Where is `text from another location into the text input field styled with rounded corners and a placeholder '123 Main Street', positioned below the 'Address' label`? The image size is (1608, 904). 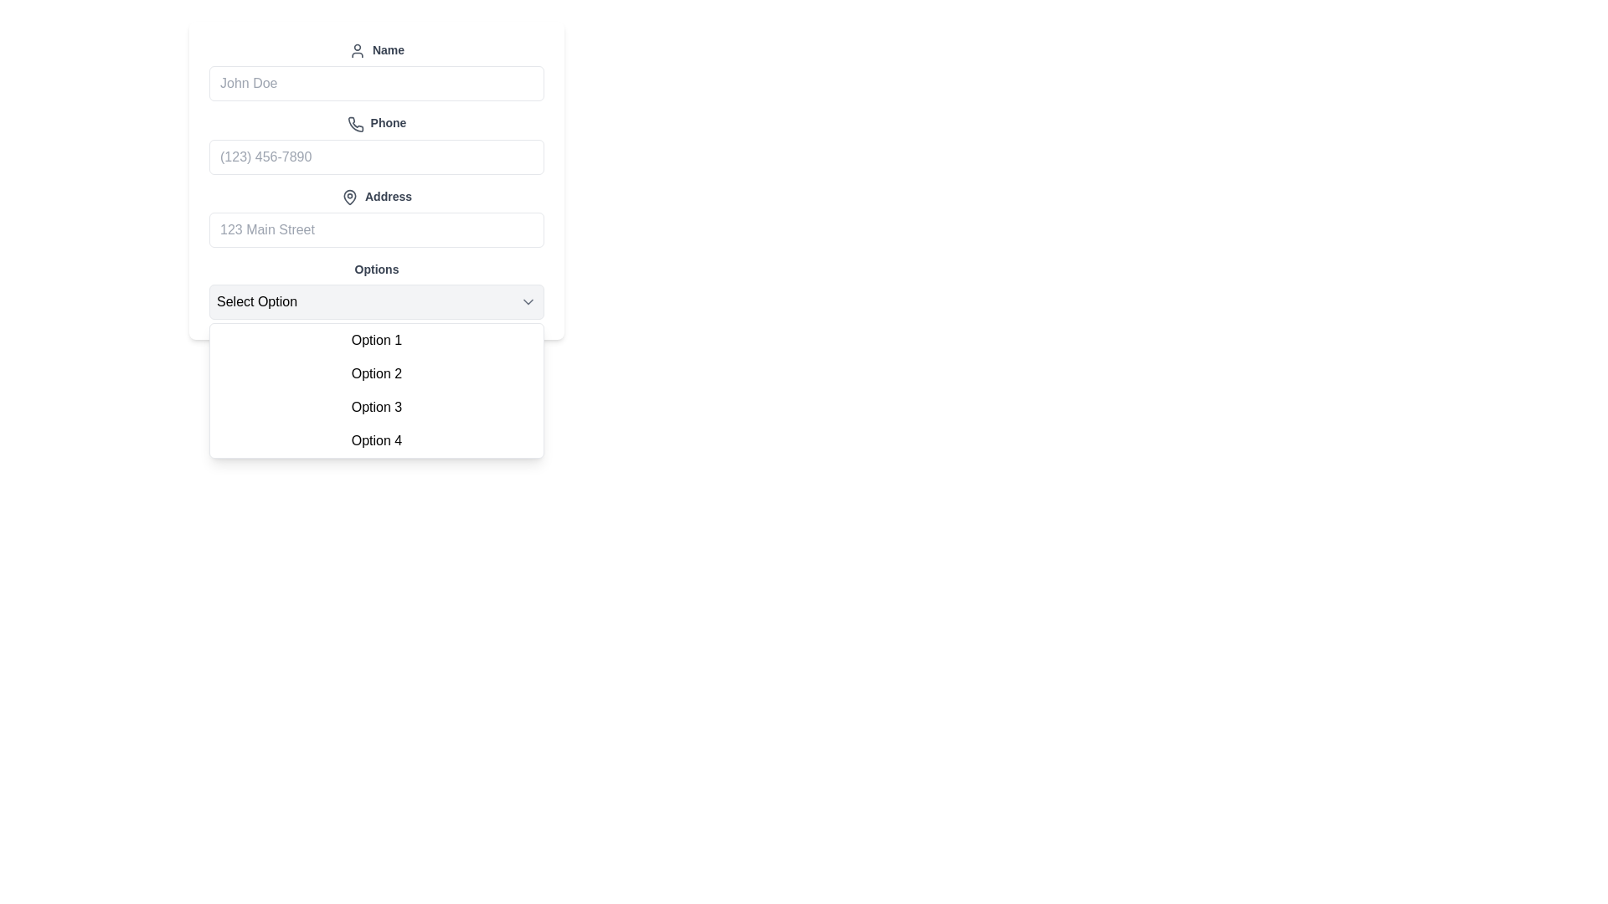
text from another location into the text input field styled with rounded corners and a placeholder '123 Main Street', positioned below the 'Address' label is located at coordinates (376, 229).